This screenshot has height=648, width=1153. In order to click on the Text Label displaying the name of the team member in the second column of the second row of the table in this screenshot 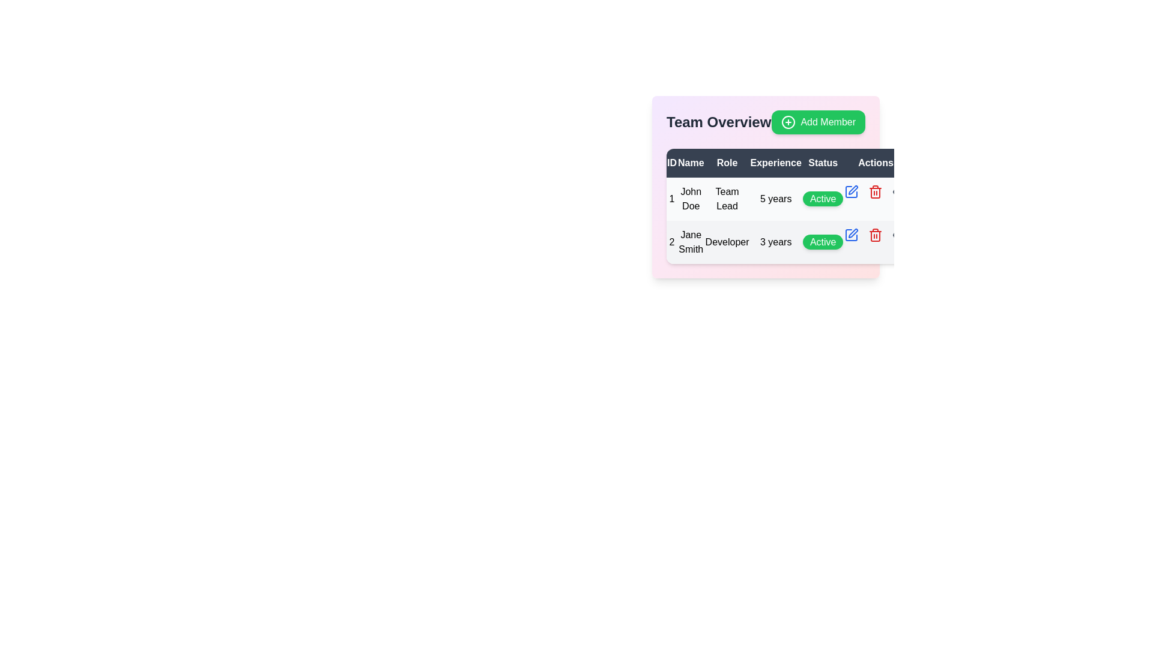, I will do `click(691, 242)`.